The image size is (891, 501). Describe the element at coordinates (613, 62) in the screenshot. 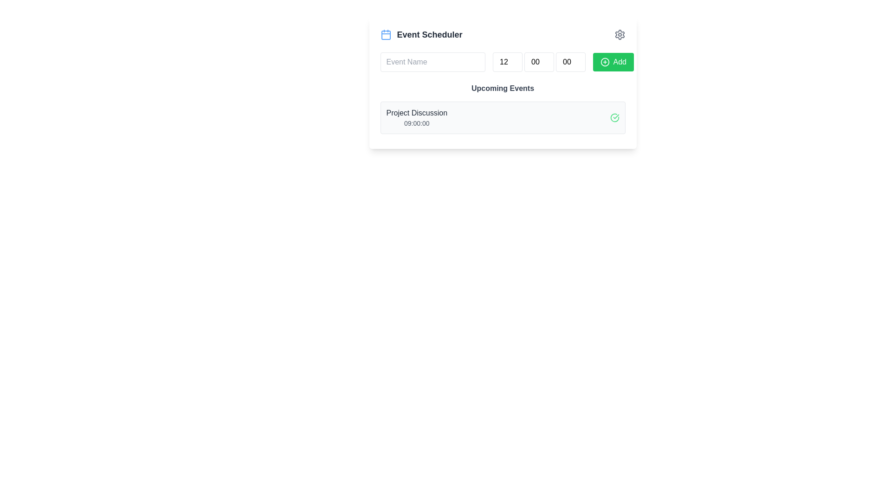

I see `the green 'Add' button located at the far right of the event scheduler section` at that location.